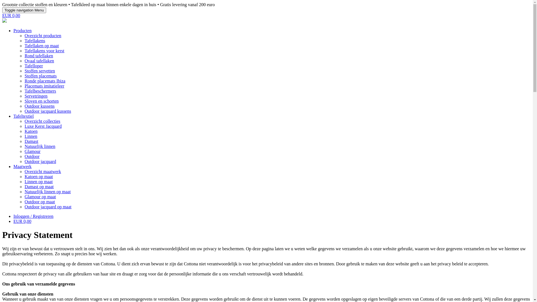  Describe the element at coordinates (24, 101) in the screenshot. I see `'Sloven en schorten'` at that location.